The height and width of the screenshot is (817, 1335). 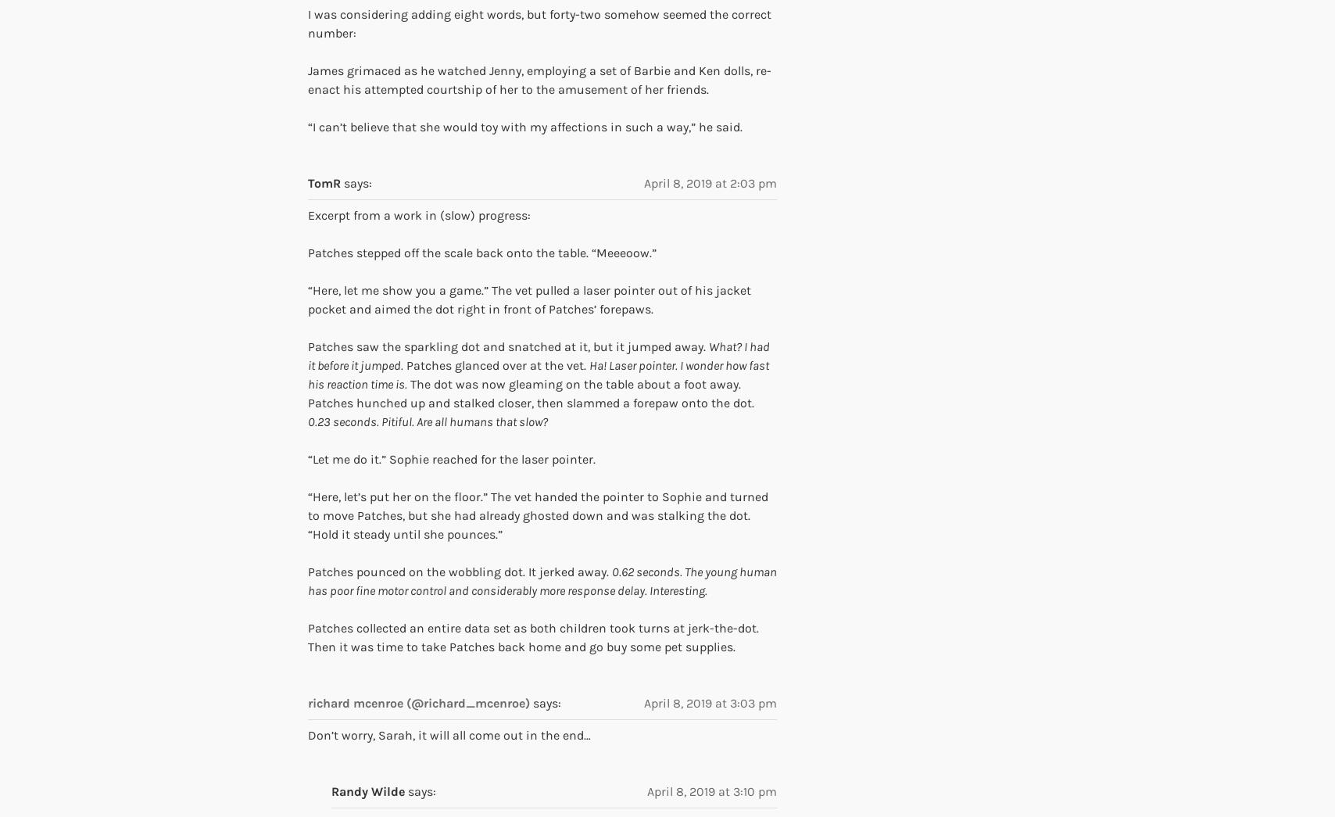 I want to click on 'The dot was now gleaming on the table about a foot away. Patches hunched up and stalked closer, then slammed a forepaw onto the dot.', so click(x=531, y=392).